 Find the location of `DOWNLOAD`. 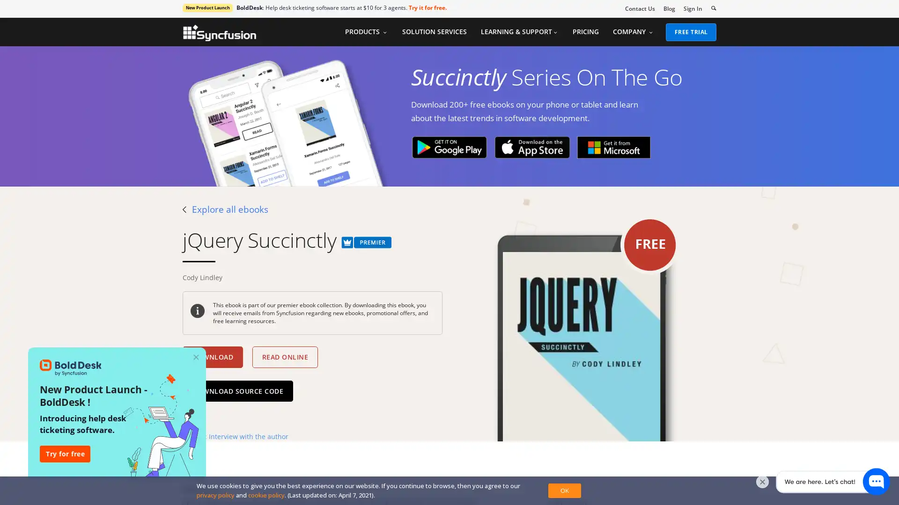

DOWNLOAD is located at coordinates (212, 357).